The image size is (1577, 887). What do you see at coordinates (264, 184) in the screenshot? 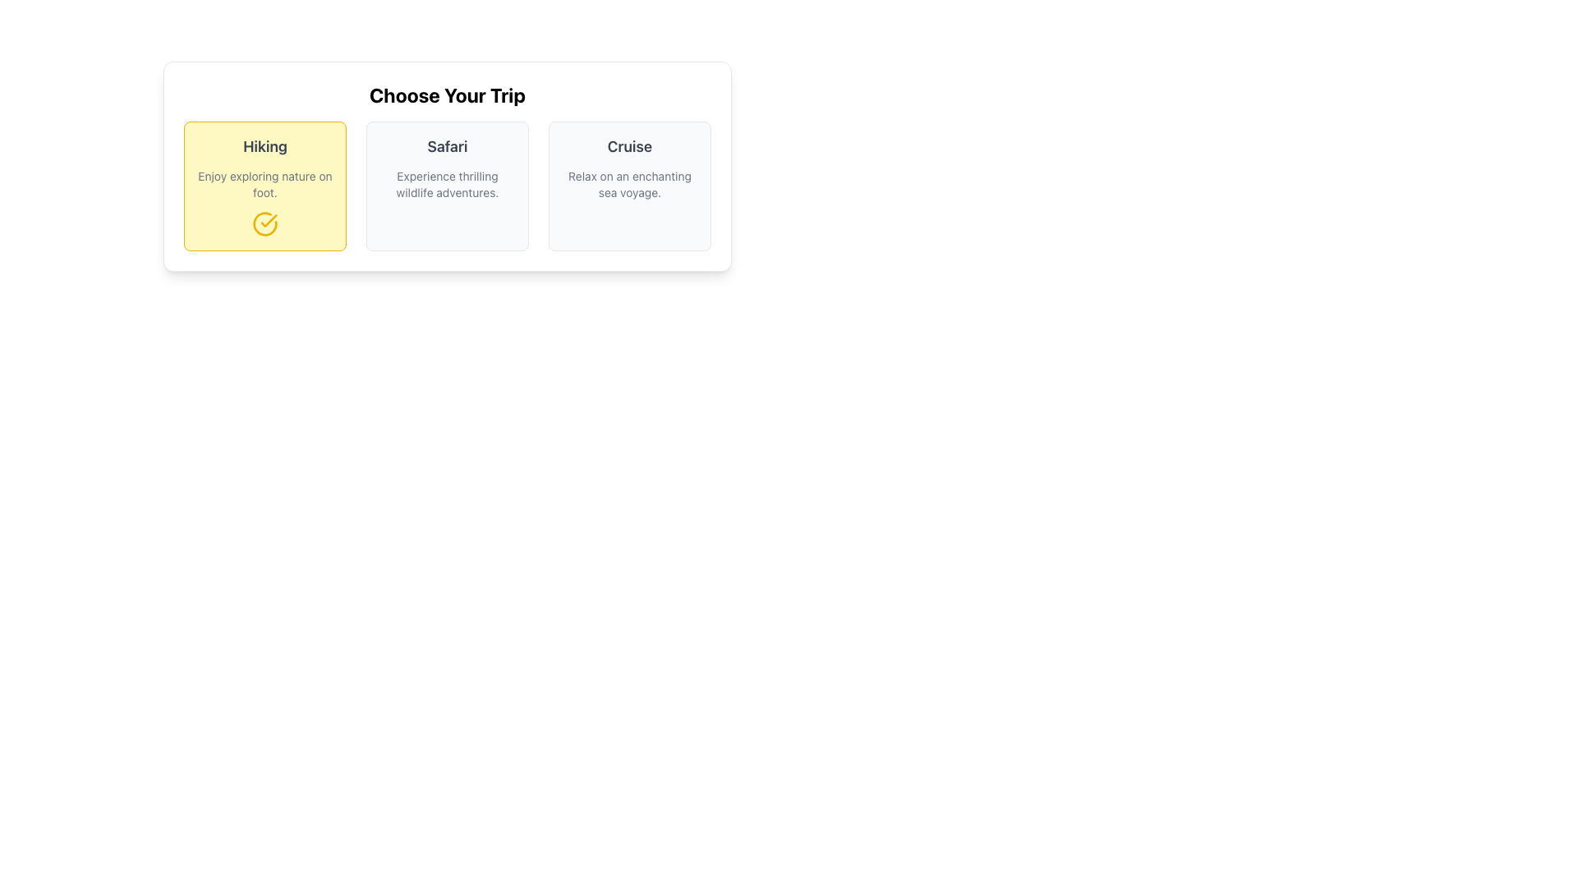
I see `the descriptive text block located below the title 'Hiking' in the trip selection interface` at bounding box center [264, 184].